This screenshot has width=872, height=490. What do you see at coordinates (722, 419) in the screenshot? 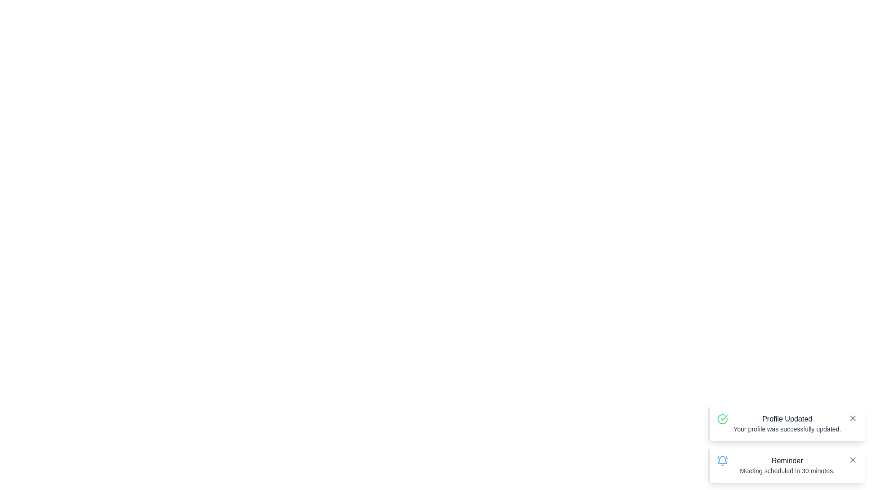
I see `the circular green check mark icon that signifies a successful operation, located to the left of the 'Profile Updated' text in the notification panel` at bounding box center [722, 419].